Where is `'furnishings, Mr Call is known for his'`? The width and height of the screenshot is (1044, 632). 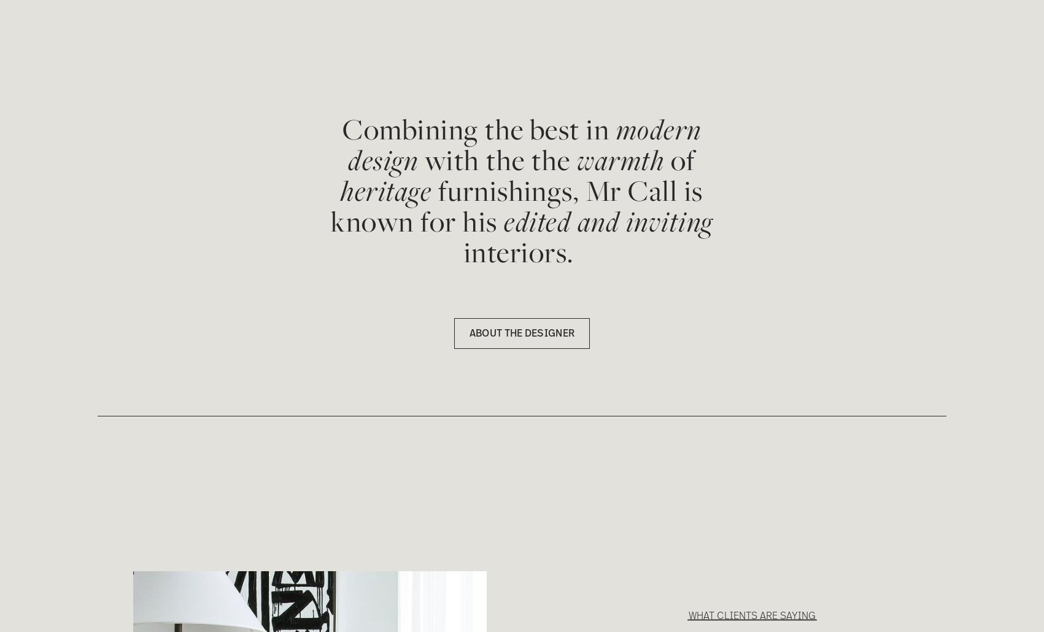 'furnishings, Mr Call is known for his' is located at coordinates (331, 206).